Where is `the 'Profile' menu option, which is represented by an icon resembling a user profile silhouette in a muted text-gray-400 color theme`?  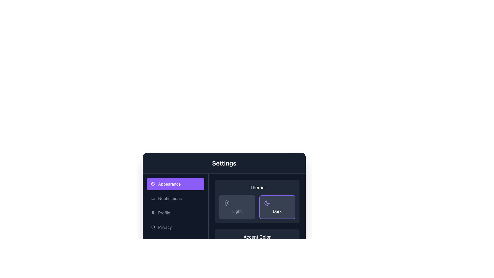
the 'Profile' menu option, which is represented by an icon resembling a user profile silhouette in a muted text-gray-400 color theme is located at coordinates (153, 213).